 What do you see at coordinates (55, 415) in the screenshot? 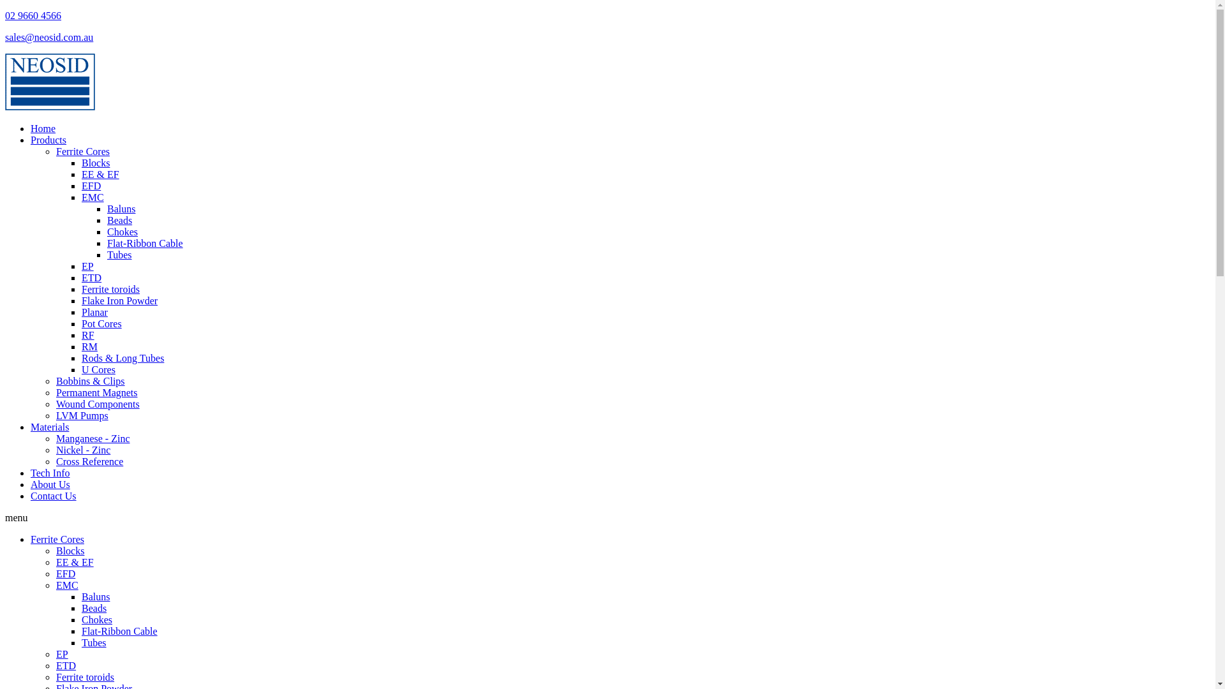
I see `'LVM Pumps'` at bounding box center [55, 415].